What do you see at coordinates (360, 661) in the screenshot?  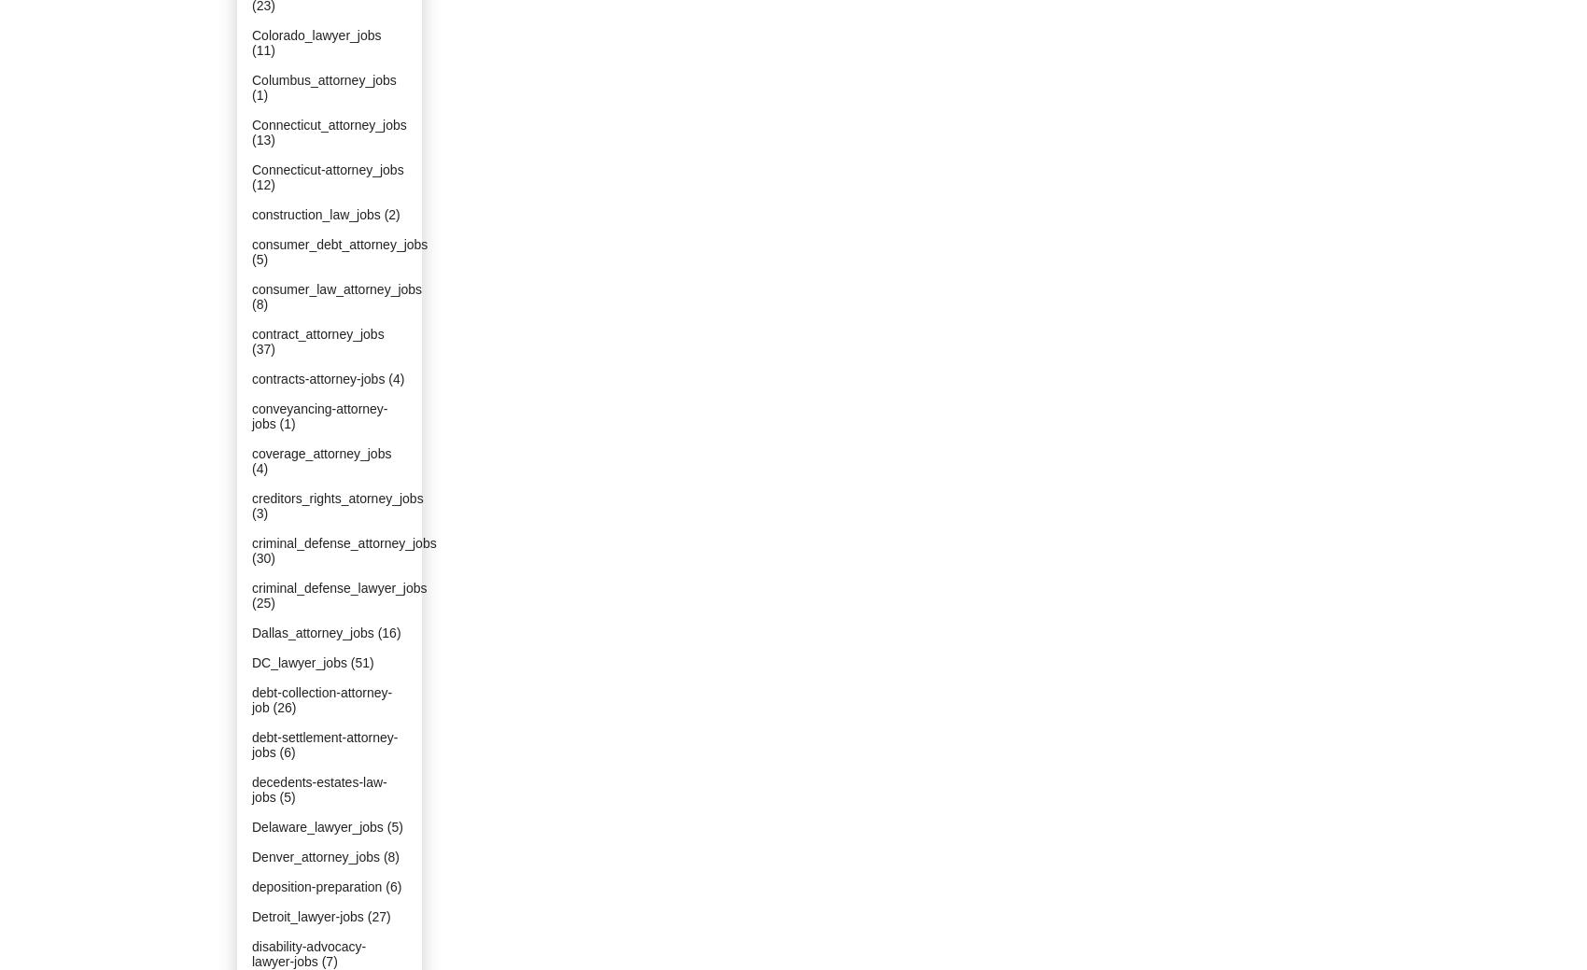 I see `'(51)'` at bounding box center [360, 661].